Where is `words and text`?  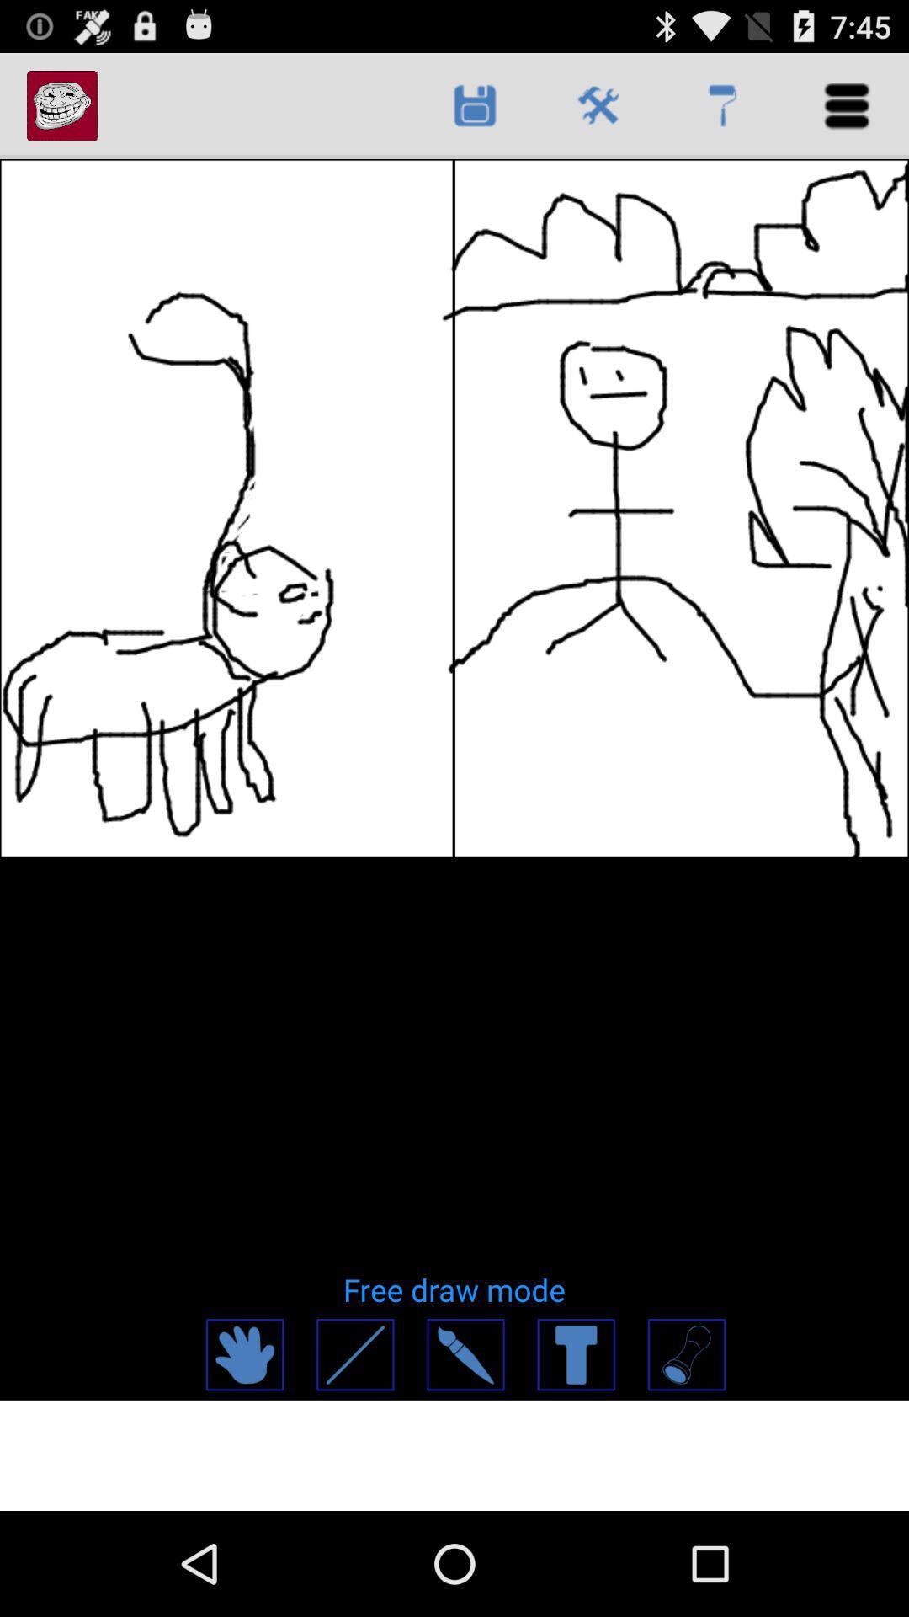 words and text is located at coordinates (574, 1354).